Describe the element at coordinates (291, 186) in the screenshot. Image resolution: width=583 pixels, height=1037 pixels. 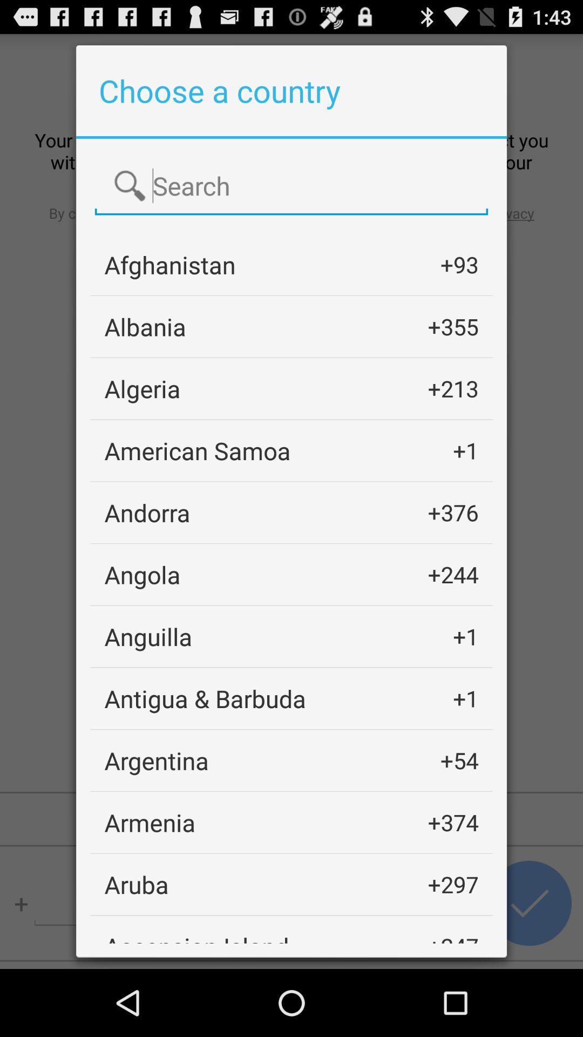
I see `search for country` at that location.